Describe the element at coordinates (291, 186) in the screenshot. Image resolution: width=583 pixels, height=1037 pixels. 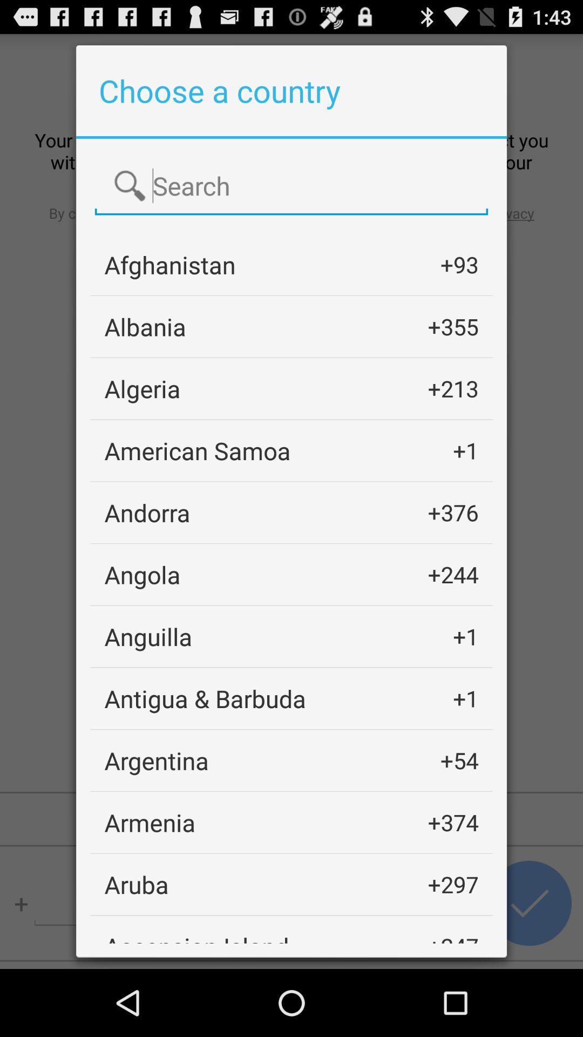
I see `search for country` at that location.